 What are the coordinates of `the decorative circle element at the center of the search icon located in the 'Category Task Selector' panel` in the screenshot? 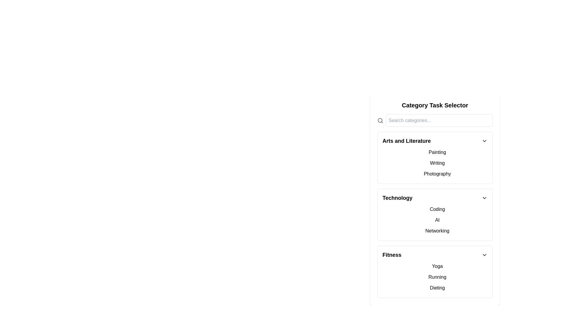 It's located at (380, 120).